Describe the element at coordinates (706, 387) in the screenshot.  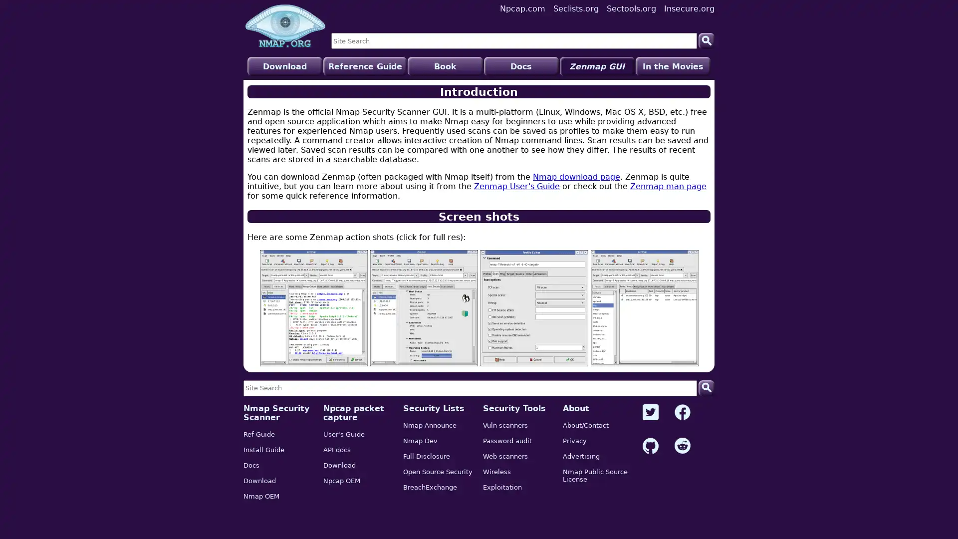
I see `Search` at that location.